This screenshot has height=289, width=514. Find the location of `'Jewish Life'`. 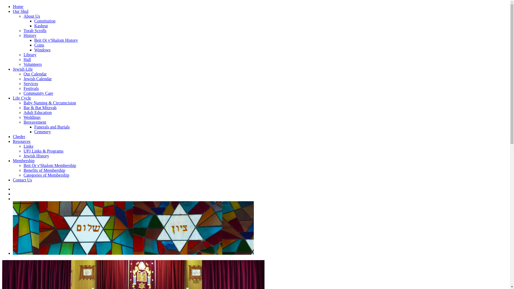

'Jewish Life' is located at coordinates (22, 69).